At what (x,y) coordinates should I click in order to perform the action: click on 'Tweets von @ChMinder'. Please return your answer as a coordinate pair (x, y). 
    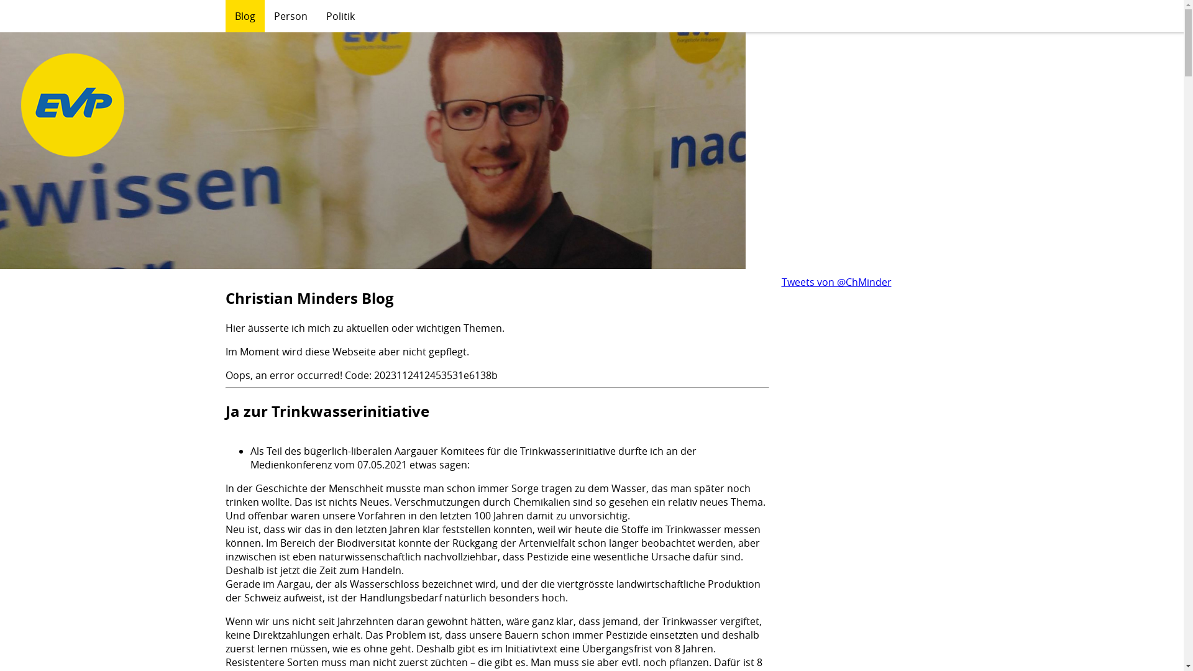
    Looking at the image, I should click on (836, 282).